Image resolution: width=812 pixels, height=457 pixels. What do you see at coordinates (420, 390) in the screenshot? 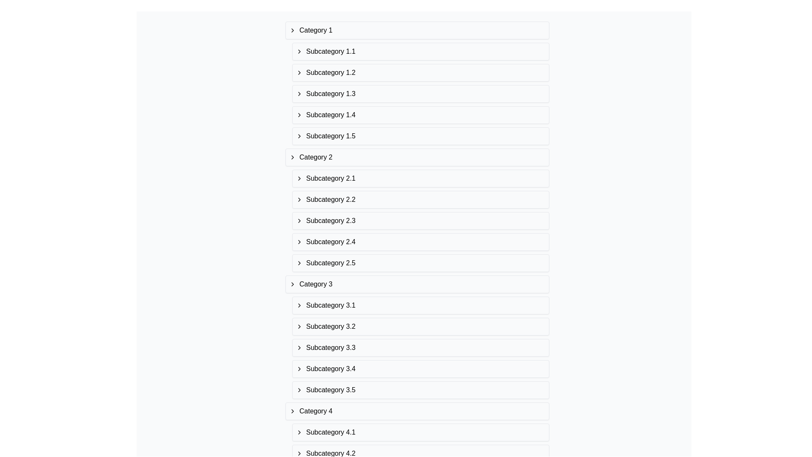
I see `the fifth menu item under 'Category 3', which is labeled 'Subcategory 3.5'` at bounding box center [420, 390].